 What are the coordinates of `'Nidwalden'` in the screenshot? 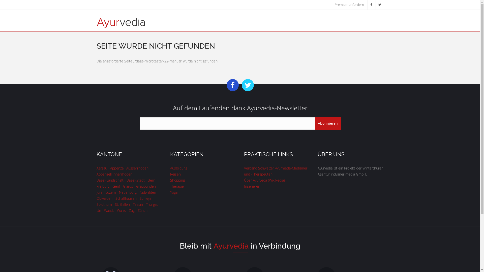 It's located at (147, 192).